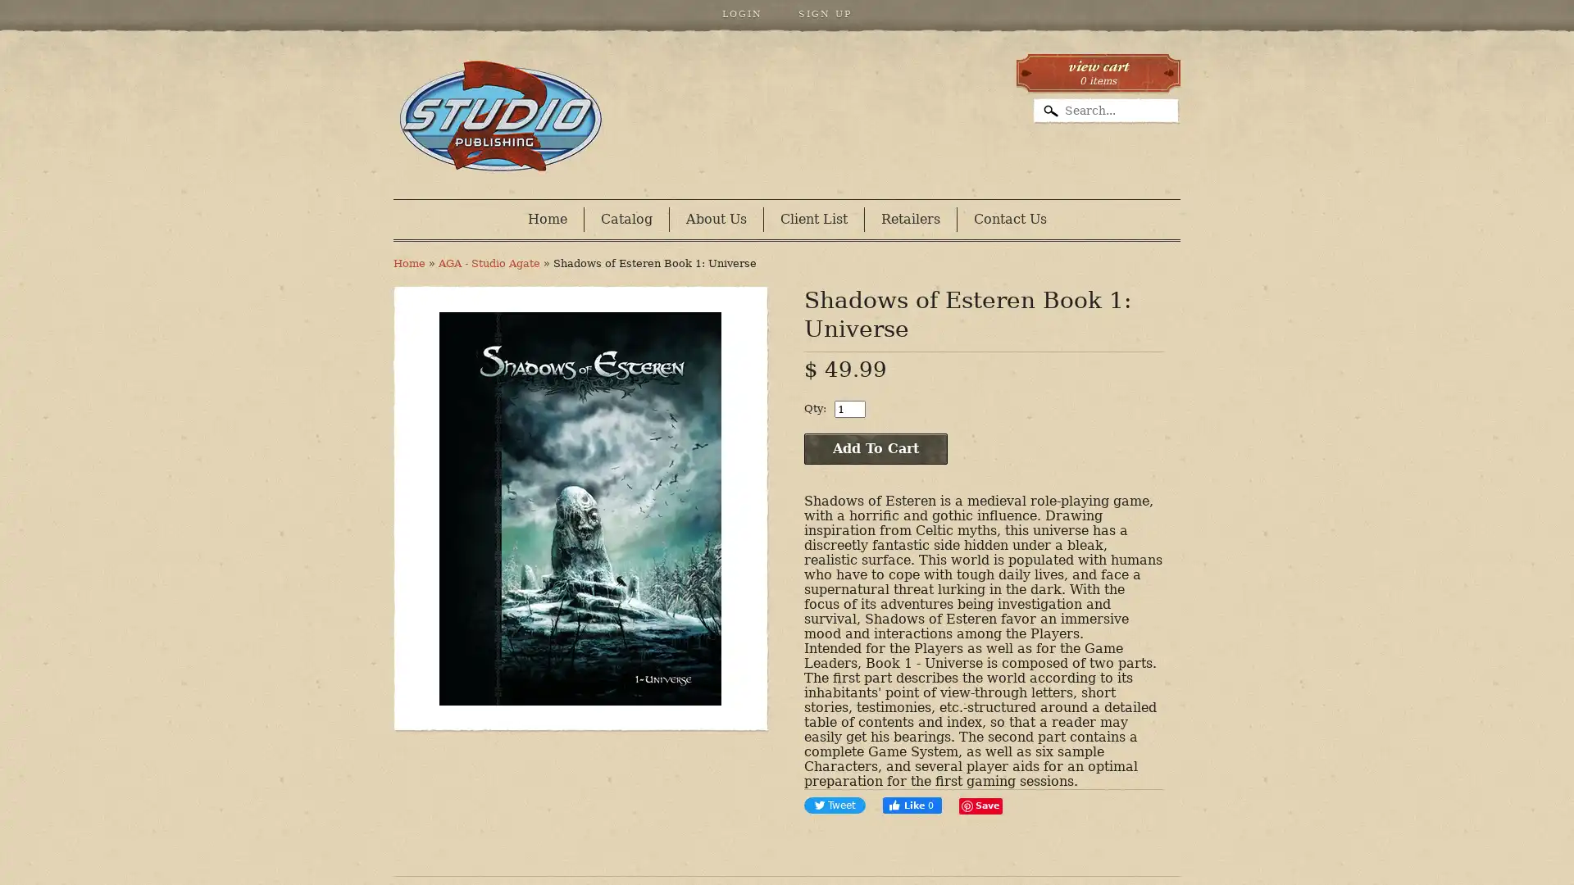  Describe the element at coordinates (875, 448) in the screenshot. I see `Add To Cart` at that location.